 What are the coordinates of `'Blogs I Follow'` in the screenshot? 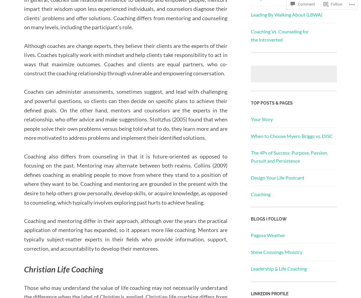 It's located at (268, 219).